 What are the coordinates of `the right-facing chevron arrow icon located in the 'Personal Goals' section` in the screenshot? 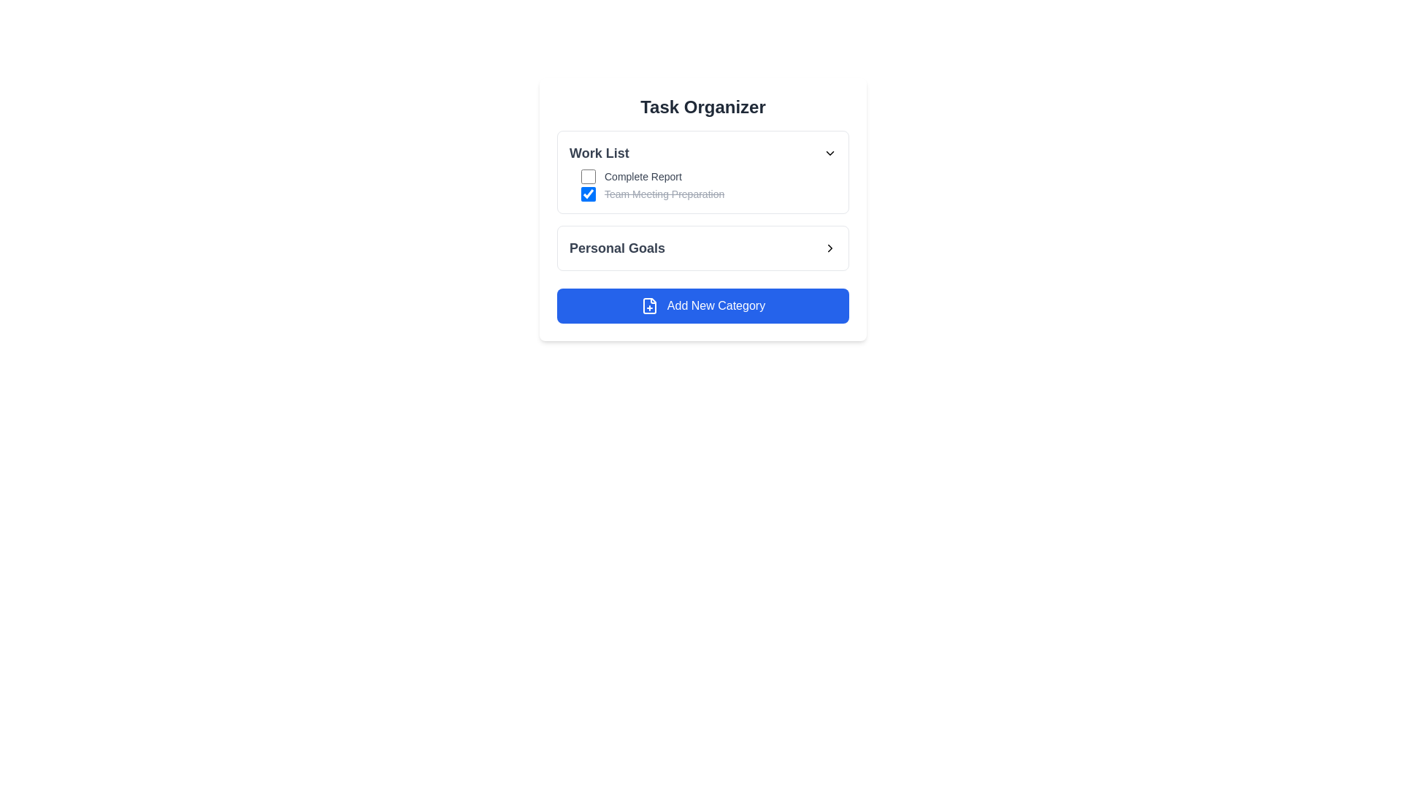 It's located at (830, 247).